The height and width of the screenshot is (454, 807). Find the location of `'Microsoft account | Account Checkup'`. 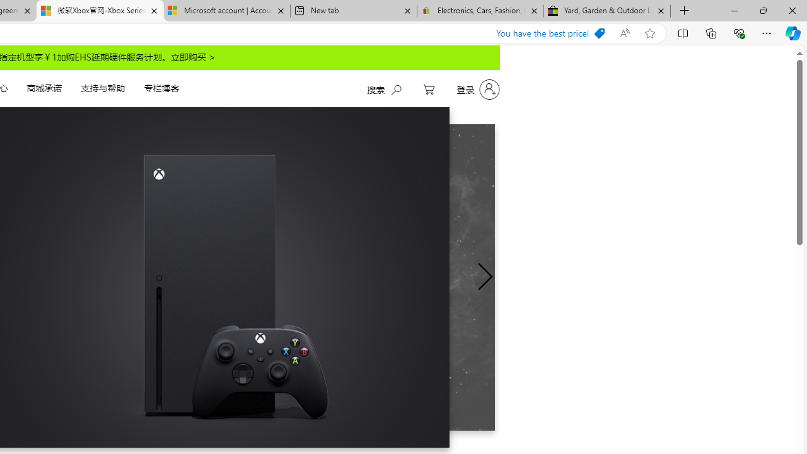

'Microsoft account | Account Checkup' is located at coordinates (226, 11).